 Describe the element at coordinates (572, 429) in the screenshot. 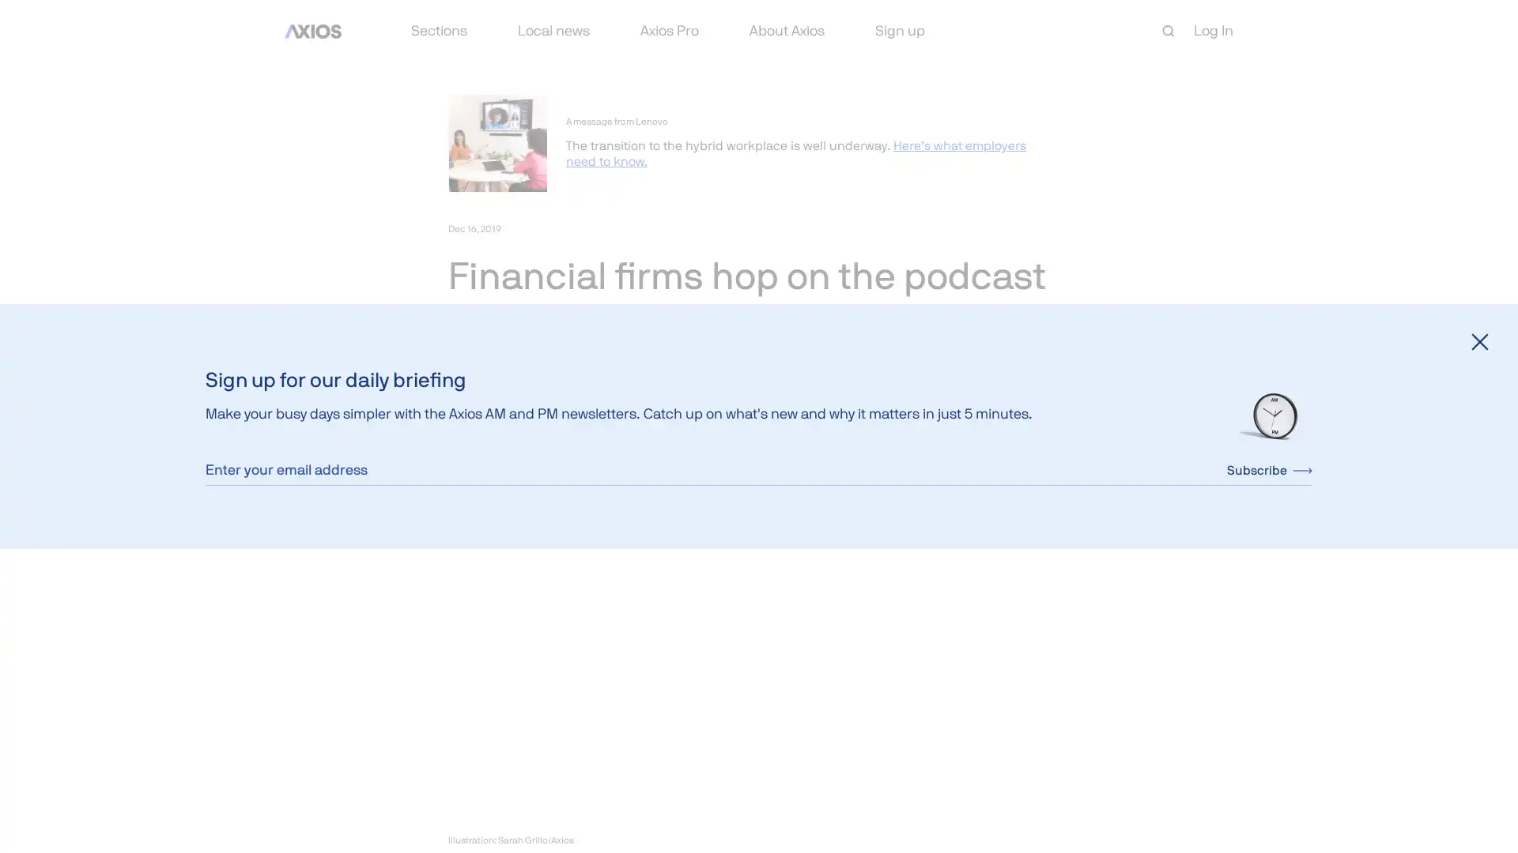

I see `email` at that location.